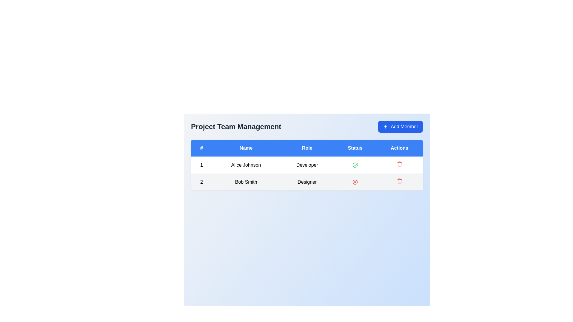  I want to click on success icon located in the 'Status' column of the first row in the table to understand its status meaning, so click(355, 165).